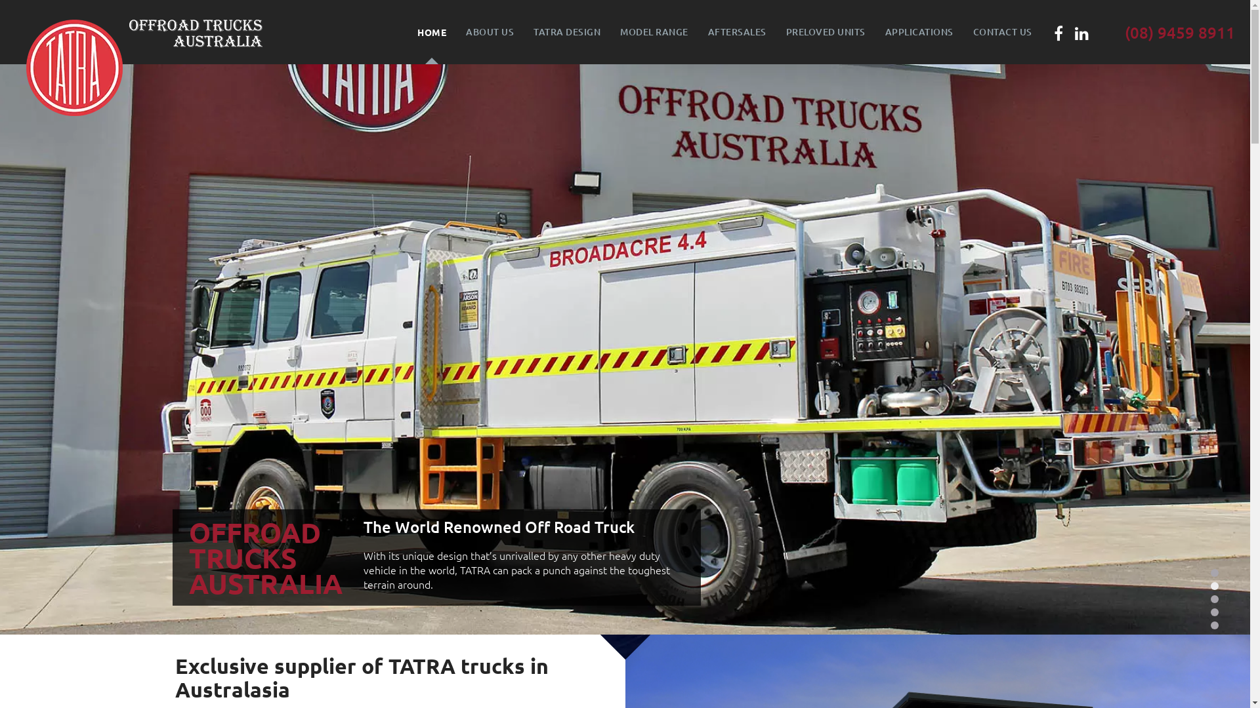 The height and width of the screenshot is (708, 1260). I want to click on '1', so click(1209, 572).